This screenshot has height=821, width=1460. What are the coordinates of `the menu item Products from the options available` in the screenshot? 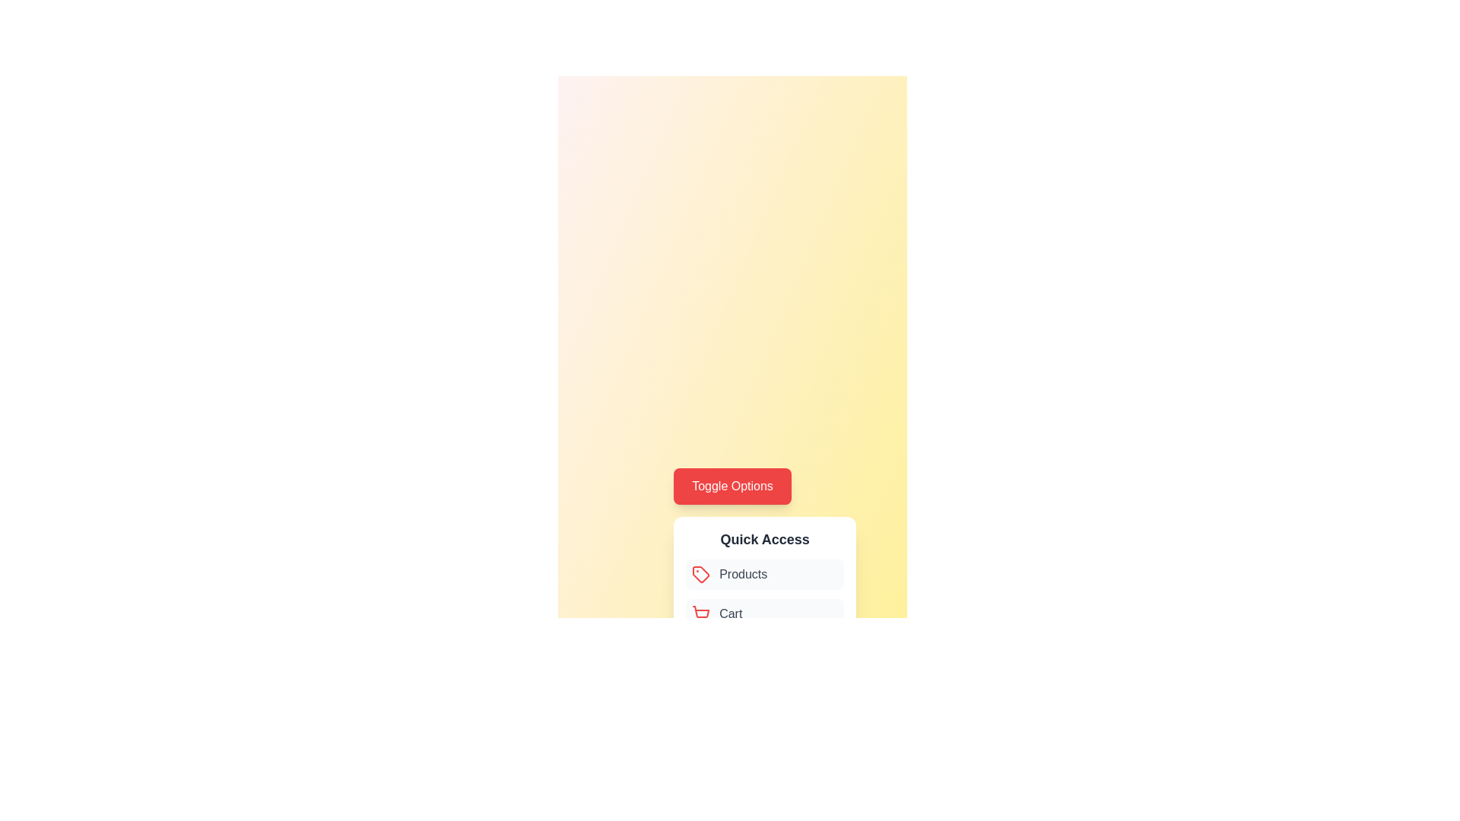 It's located at (765, 575).